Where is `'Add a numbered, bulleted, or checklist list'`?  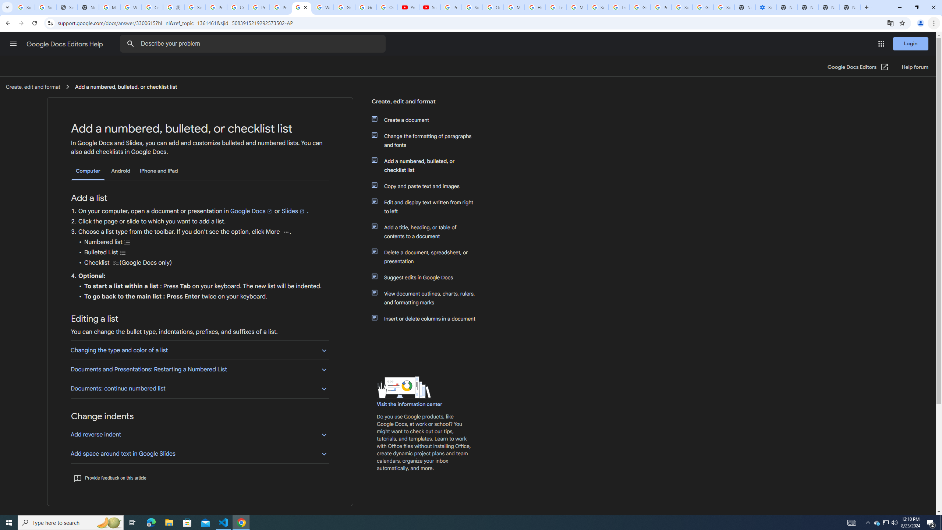
'Add a numbered, bulleted, or checklist list' is located at coordinates (428, 165).